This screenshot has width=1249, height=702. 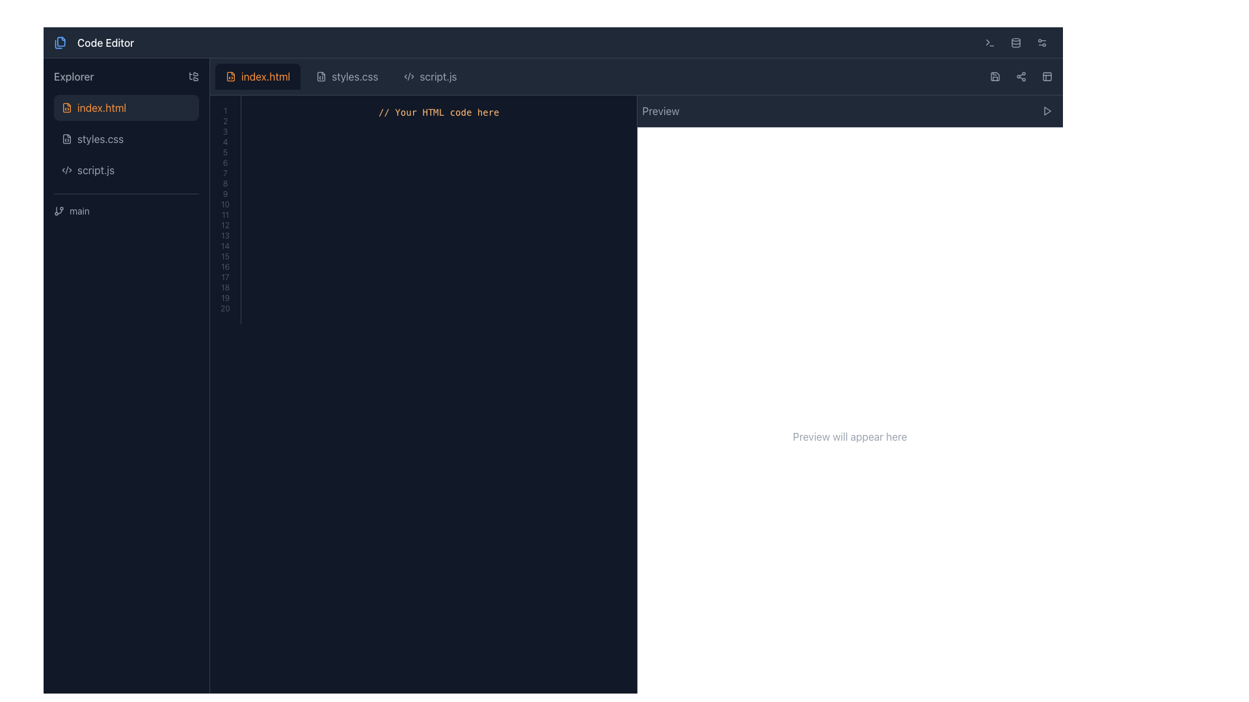 What do you see at coordinates (1047, 110) in the screenshot?
I see `the play icon located in the toolbar at the top right of the interface` at bounding box center [1047, 110].